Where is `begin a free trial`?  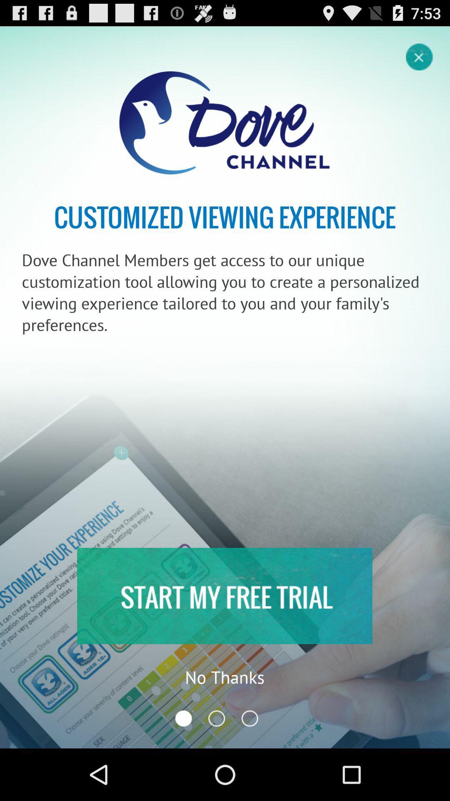
begin a free trial is located at coordinates (224, 595).